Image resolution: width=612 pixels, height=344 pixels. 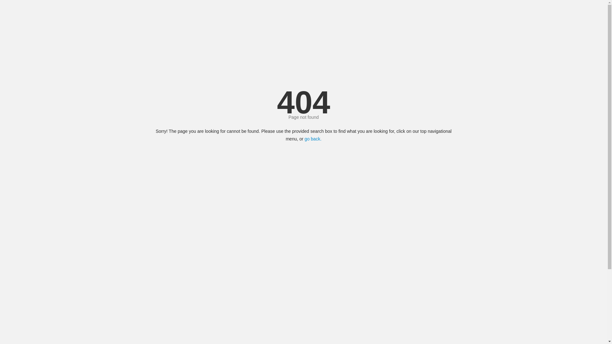 I want to click on 'go back.', so click(x=313, y=138).